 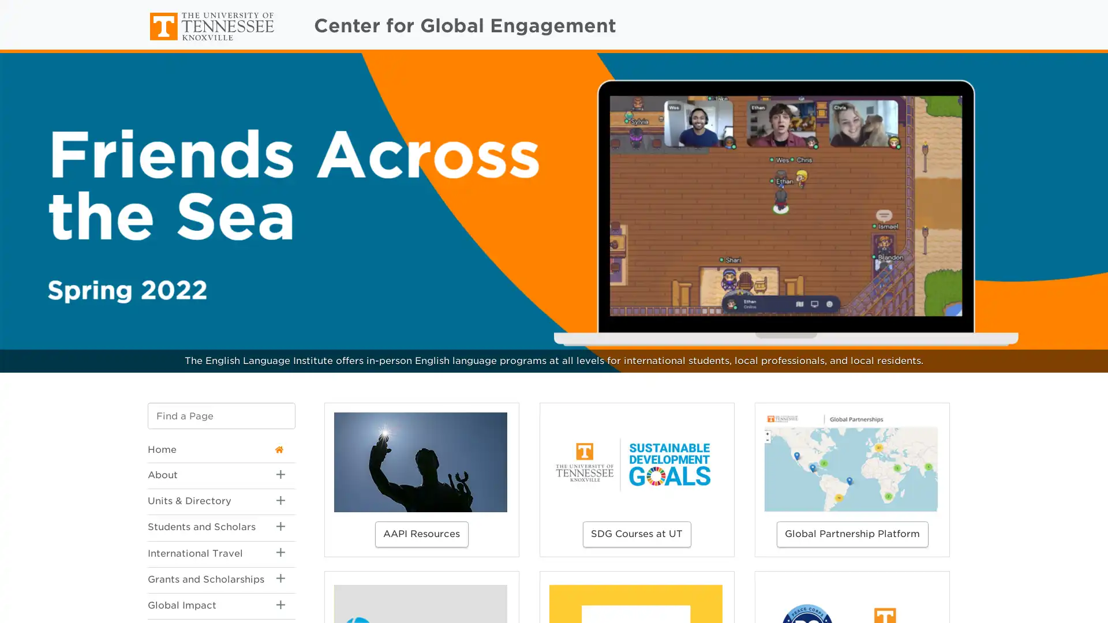 I want to click on Toggle Sub Menu, so click(x=162, y=502).